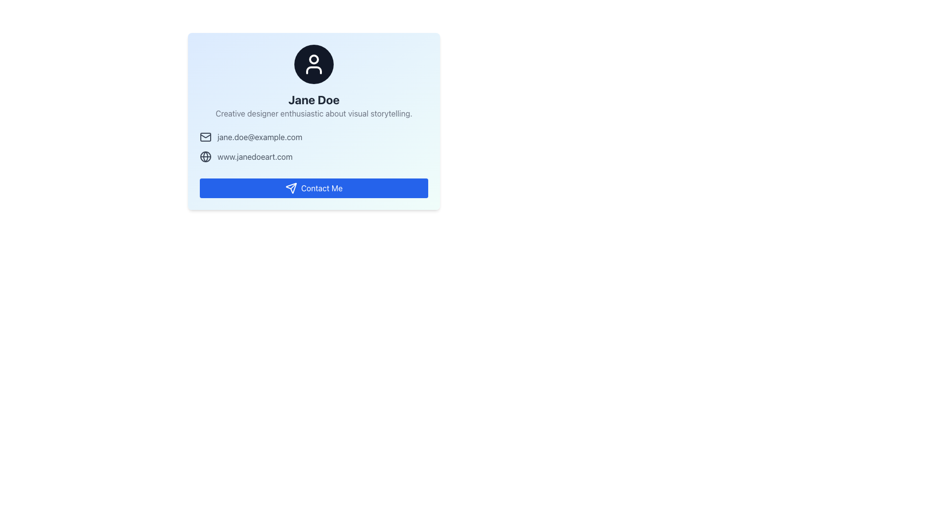 Image resolution: width=945 pixels, height=531 pixels. Describe the element at coordinates (290, 188) in the screenshot. I see `the send action icon located on the left side of the 'Contact Me' button, centered vertically within it` at that location.